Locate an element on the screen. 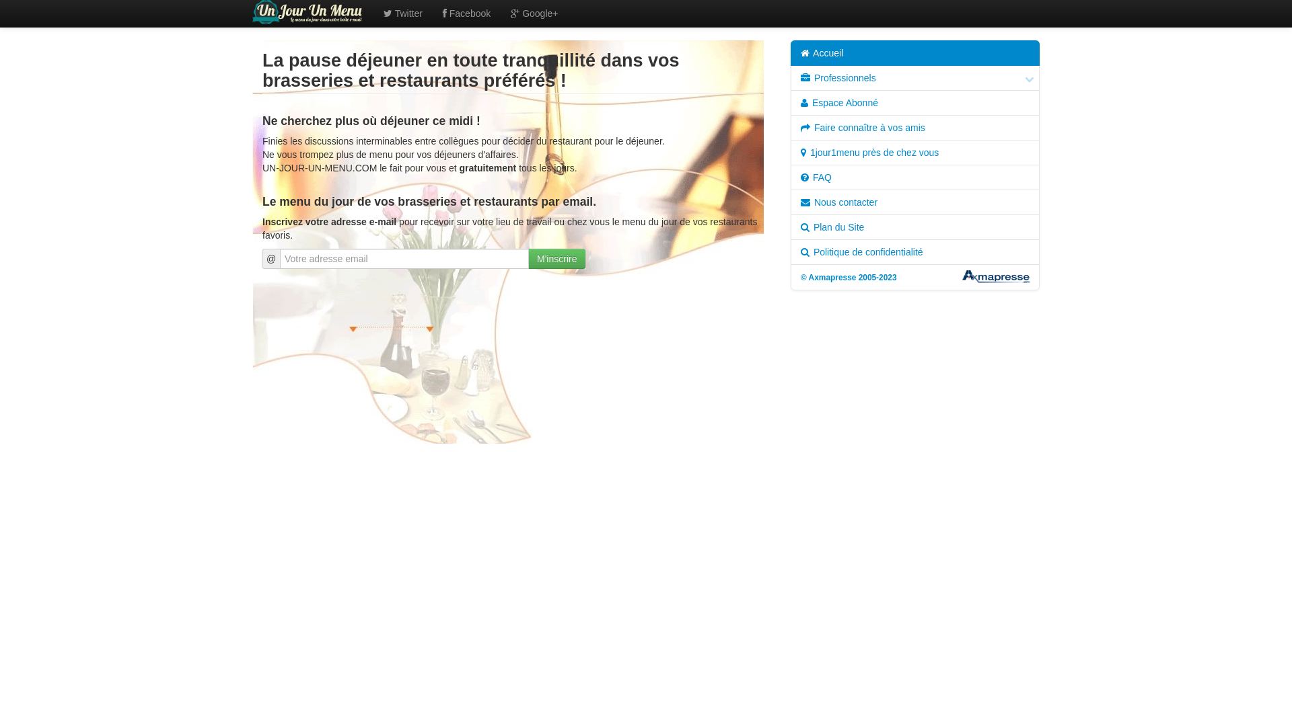 Image resolution: width=1292 pixels, height=726 pixels. 'Professionnels' is located at coordinates (914, 77).